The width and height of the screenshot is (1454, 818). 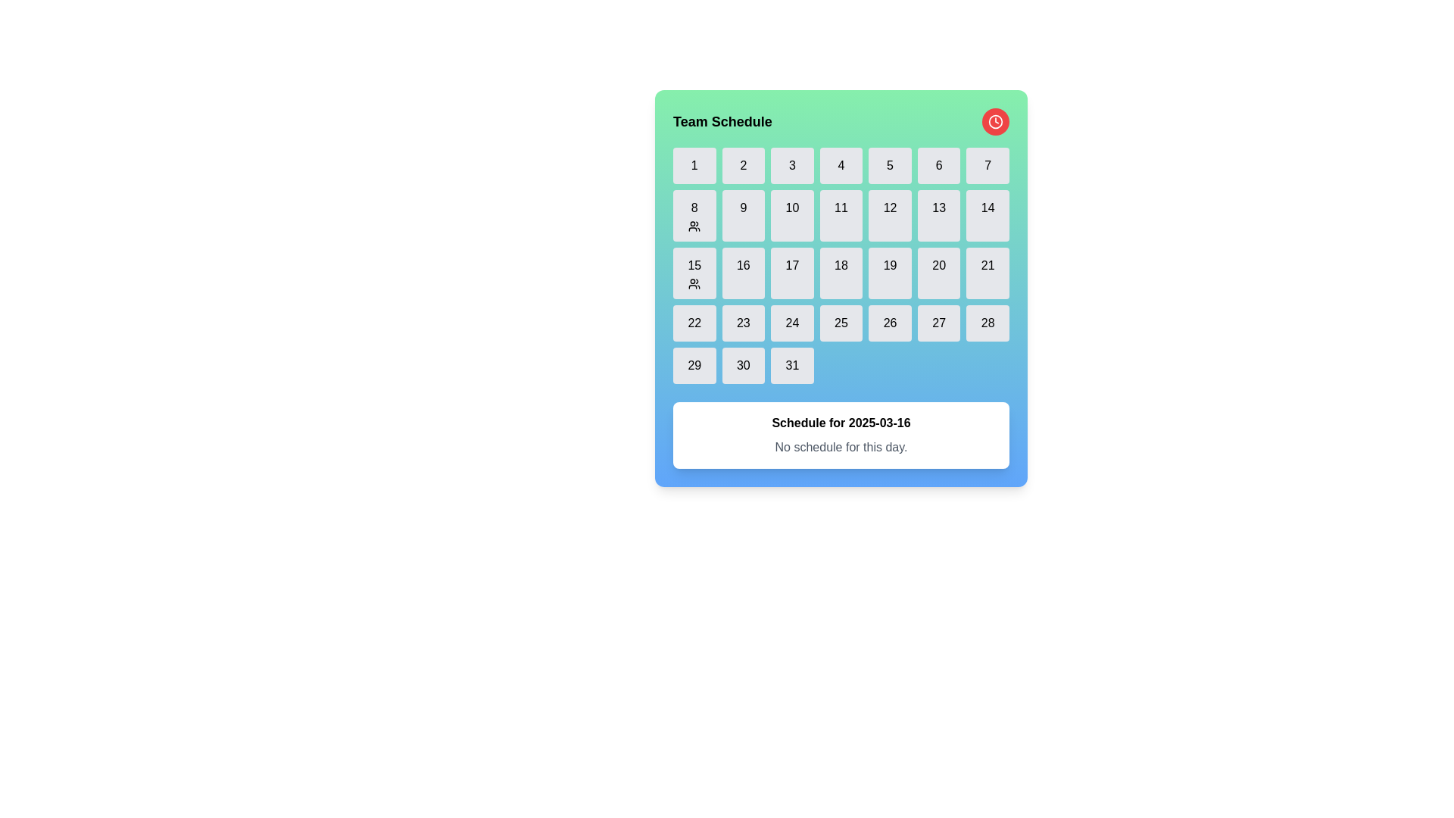 What do you see at coordinates (890, 273) in the screenshot?
I see `the date label in the calendar interface located in the fourth column of the third row, which visually represents the date and does not support user interactions` at bounding box center [890, 273].